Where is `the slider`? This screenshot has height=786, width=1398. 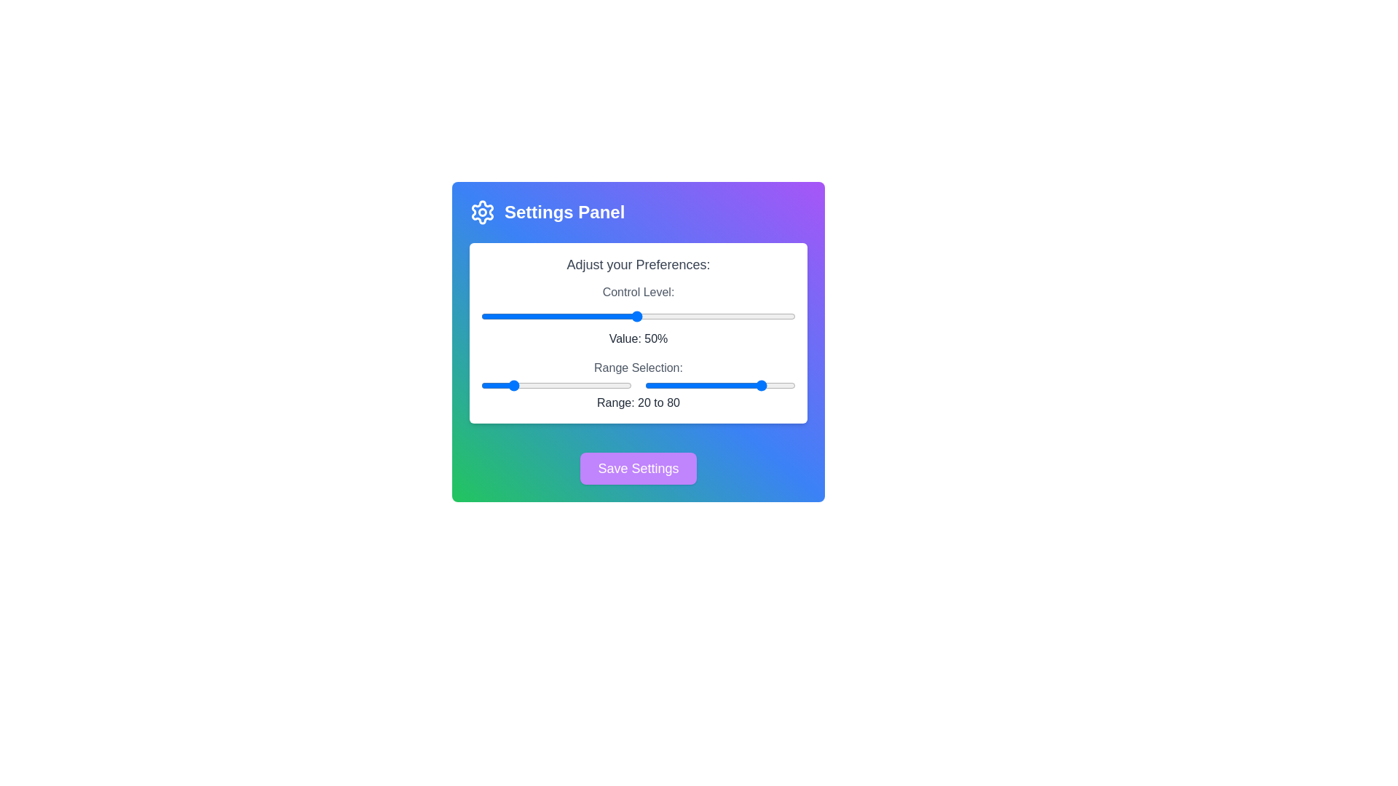 the slider is located at coordinates (739, 384).